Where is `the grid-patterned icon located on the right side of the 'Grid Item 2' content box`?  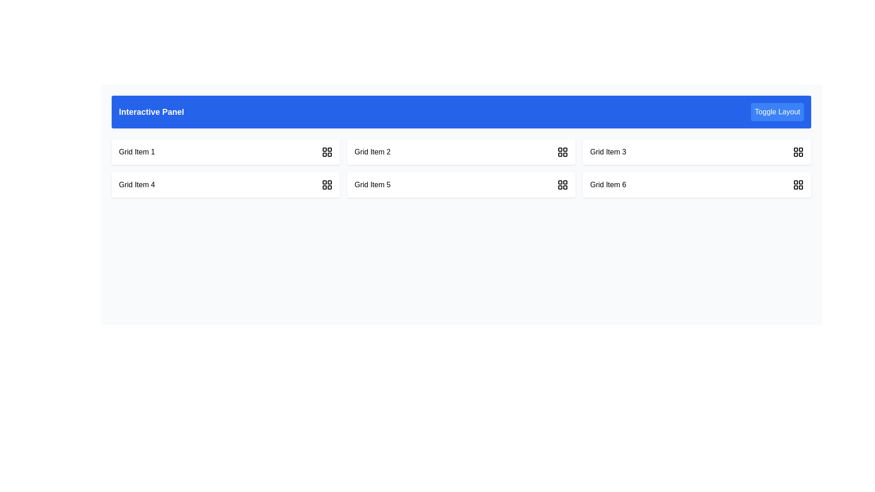
the grid-patterned icon located on the right side of the 'Grid Item 2' content box is located at coordinates (562, 152).